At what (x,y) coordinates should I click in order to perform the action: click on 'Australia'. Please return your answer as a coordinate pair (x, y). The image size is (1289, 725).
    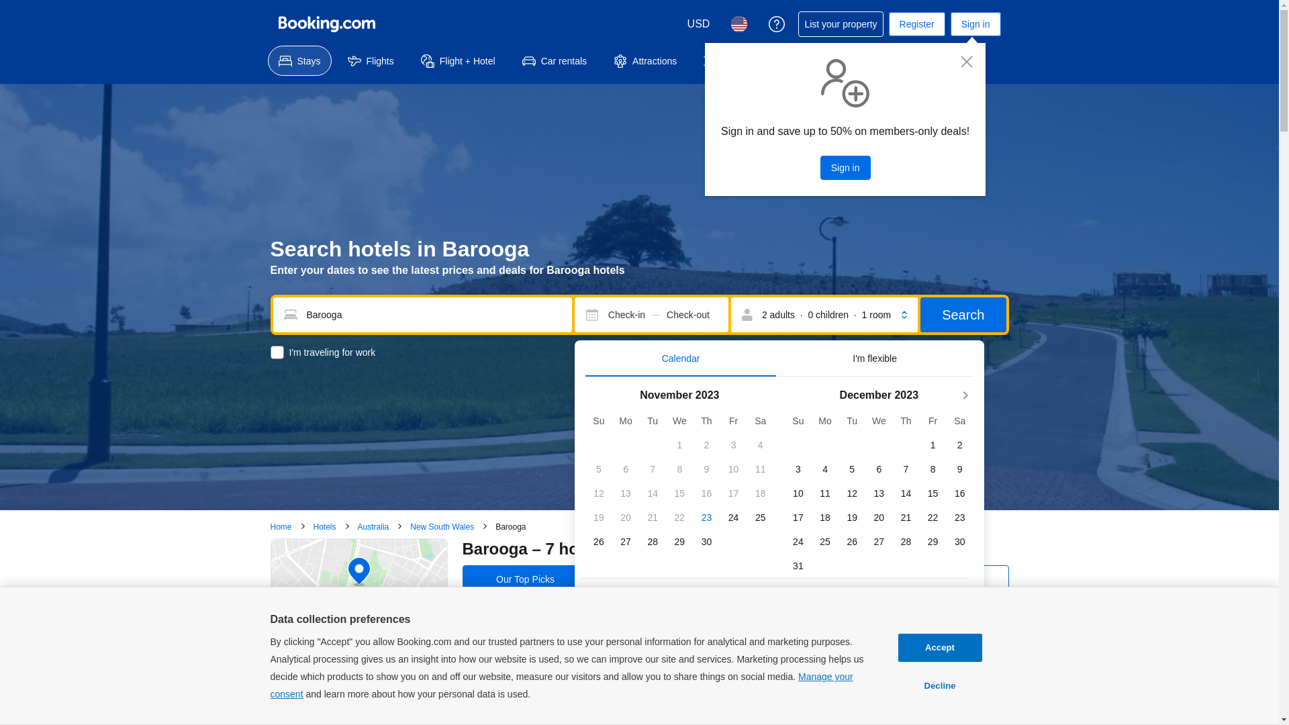
    Looking at the image, I should click on (373, 526).